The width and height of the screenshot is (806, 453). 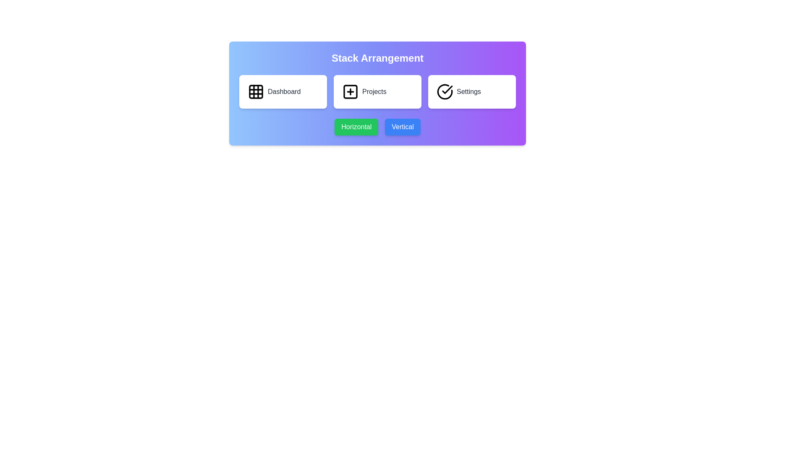 I want to click on the checkmark icon located inside the 'Settings' option at the top-right of the interface, which features a bold stroke tick in a circular outline, so click(x=447, y=89).